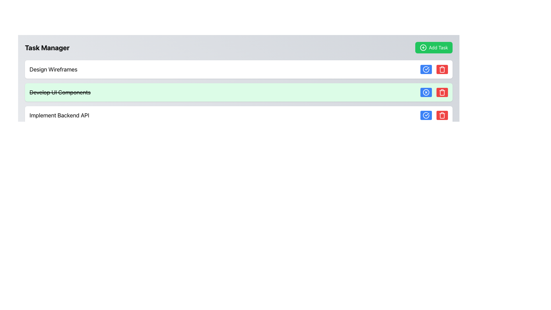 The width and height of the screenshot is (551, 310). What do you see at coordinates (426, 69) in the screenshot?
I see `the checkmark icon within the button at the right end of the task item row labeled 'Develop UI Components' to mark the task as complete` at bounding box center [426, 69].